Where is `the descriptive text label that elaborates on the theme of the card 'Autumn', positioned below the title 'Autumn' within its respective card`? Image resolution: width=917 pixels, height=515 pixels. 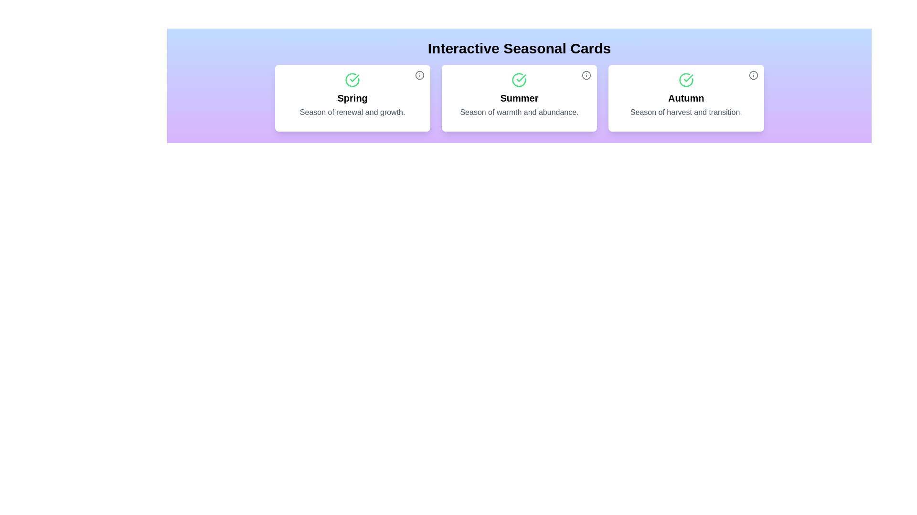
the descriptive text label that elaborates on the theme of the card 'Autumn', positioned below the title 'Autumn' within its respective card is located at coordinates (685, 112).